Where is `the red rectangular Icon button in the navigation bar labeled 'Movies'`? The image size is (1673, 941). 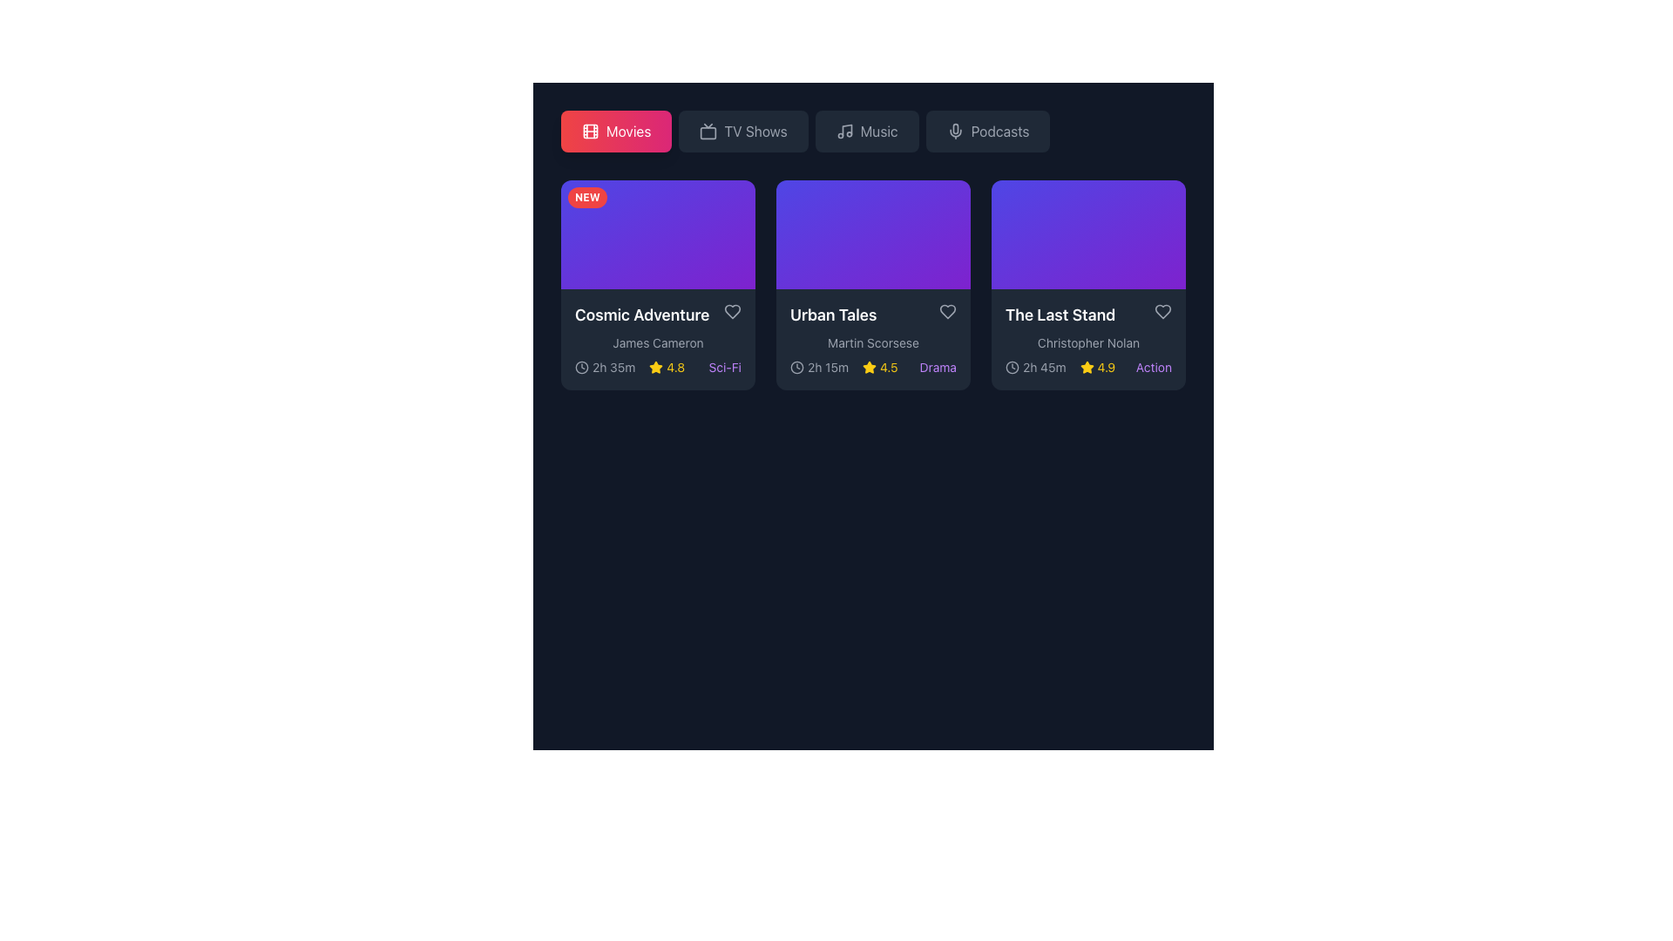 the red rectangular Icon button in the navigation bar labeled 'Movies' is located at coordinates (590, 130).